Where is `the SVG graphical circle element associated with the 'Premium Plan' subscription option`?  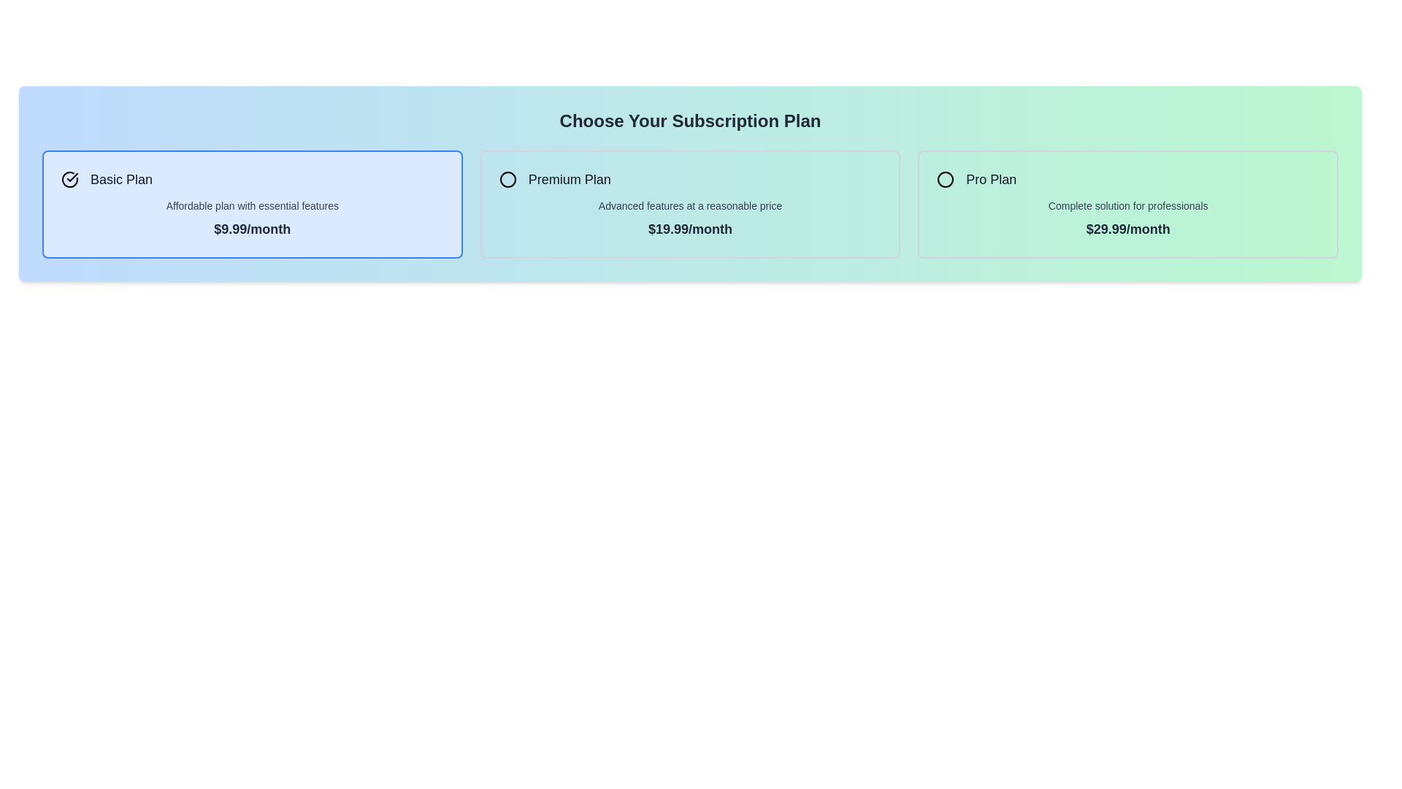
the SVG graphical circle element associated with the 'Premium Plan' subscription option is located at coordinates (507, 179).